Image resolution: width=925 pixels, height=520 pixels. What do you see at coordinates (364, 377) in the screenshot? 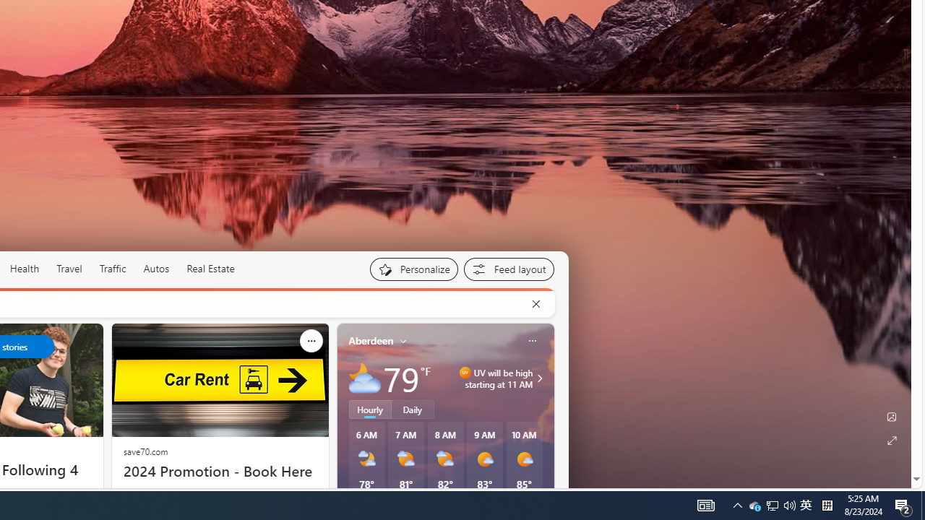
I see `'Mostly cloudy'` at bounding box center [364, 377].